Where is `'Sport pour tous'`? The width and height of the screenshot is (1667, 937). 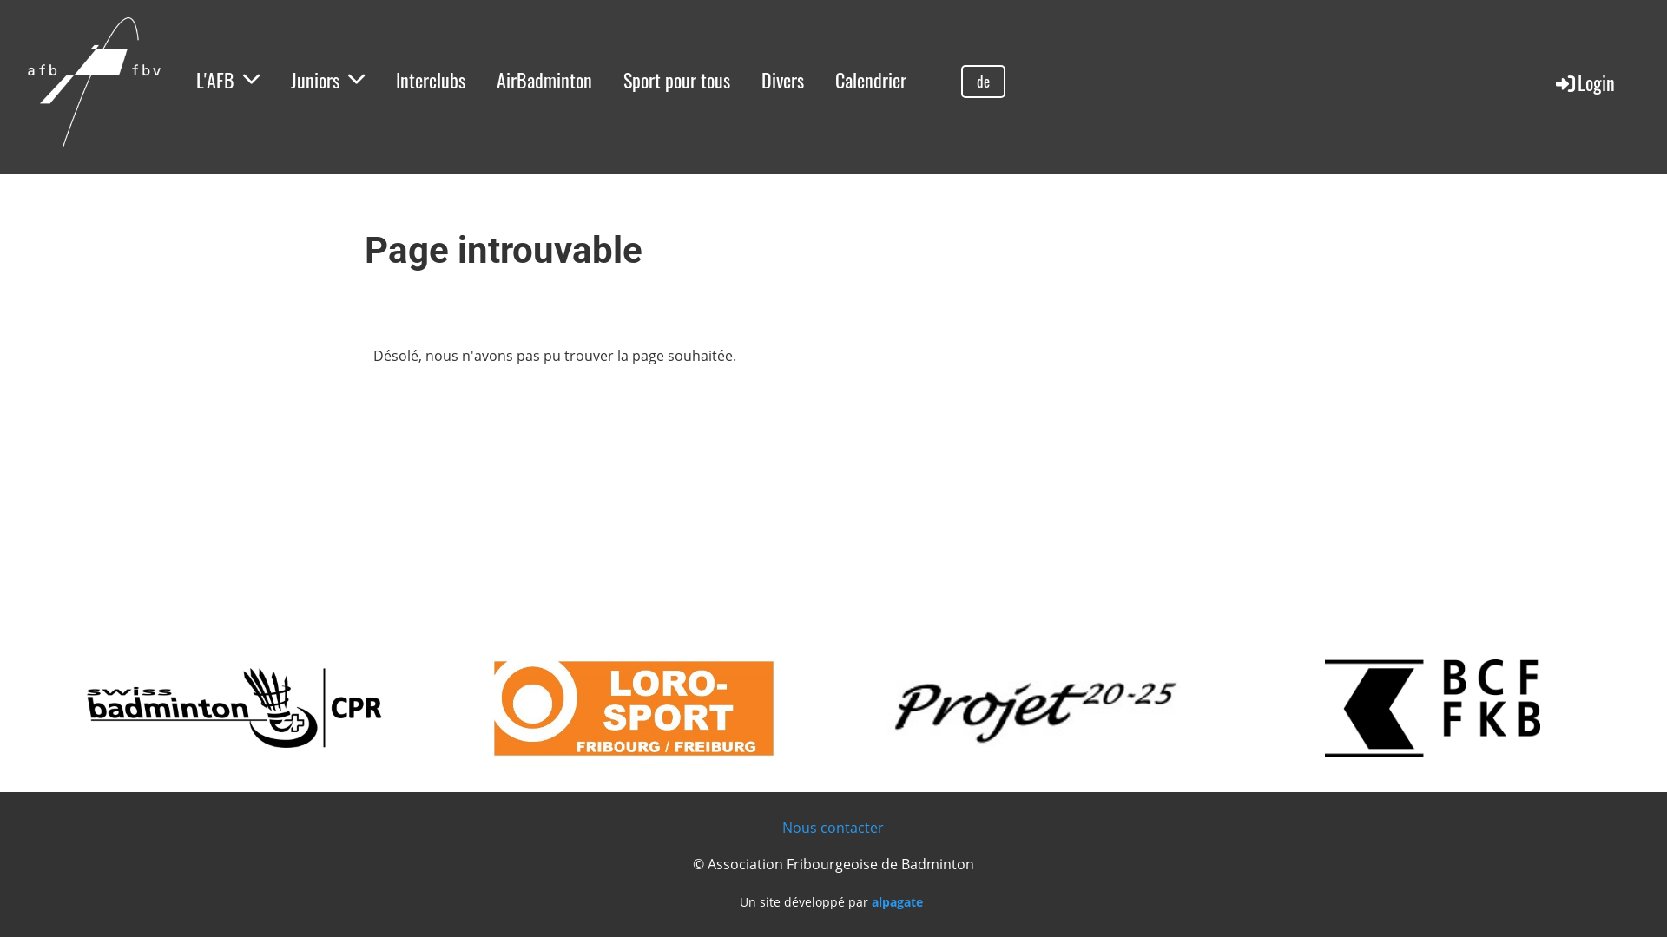 'Sport pour tous' is located at coordinates (675, 80).